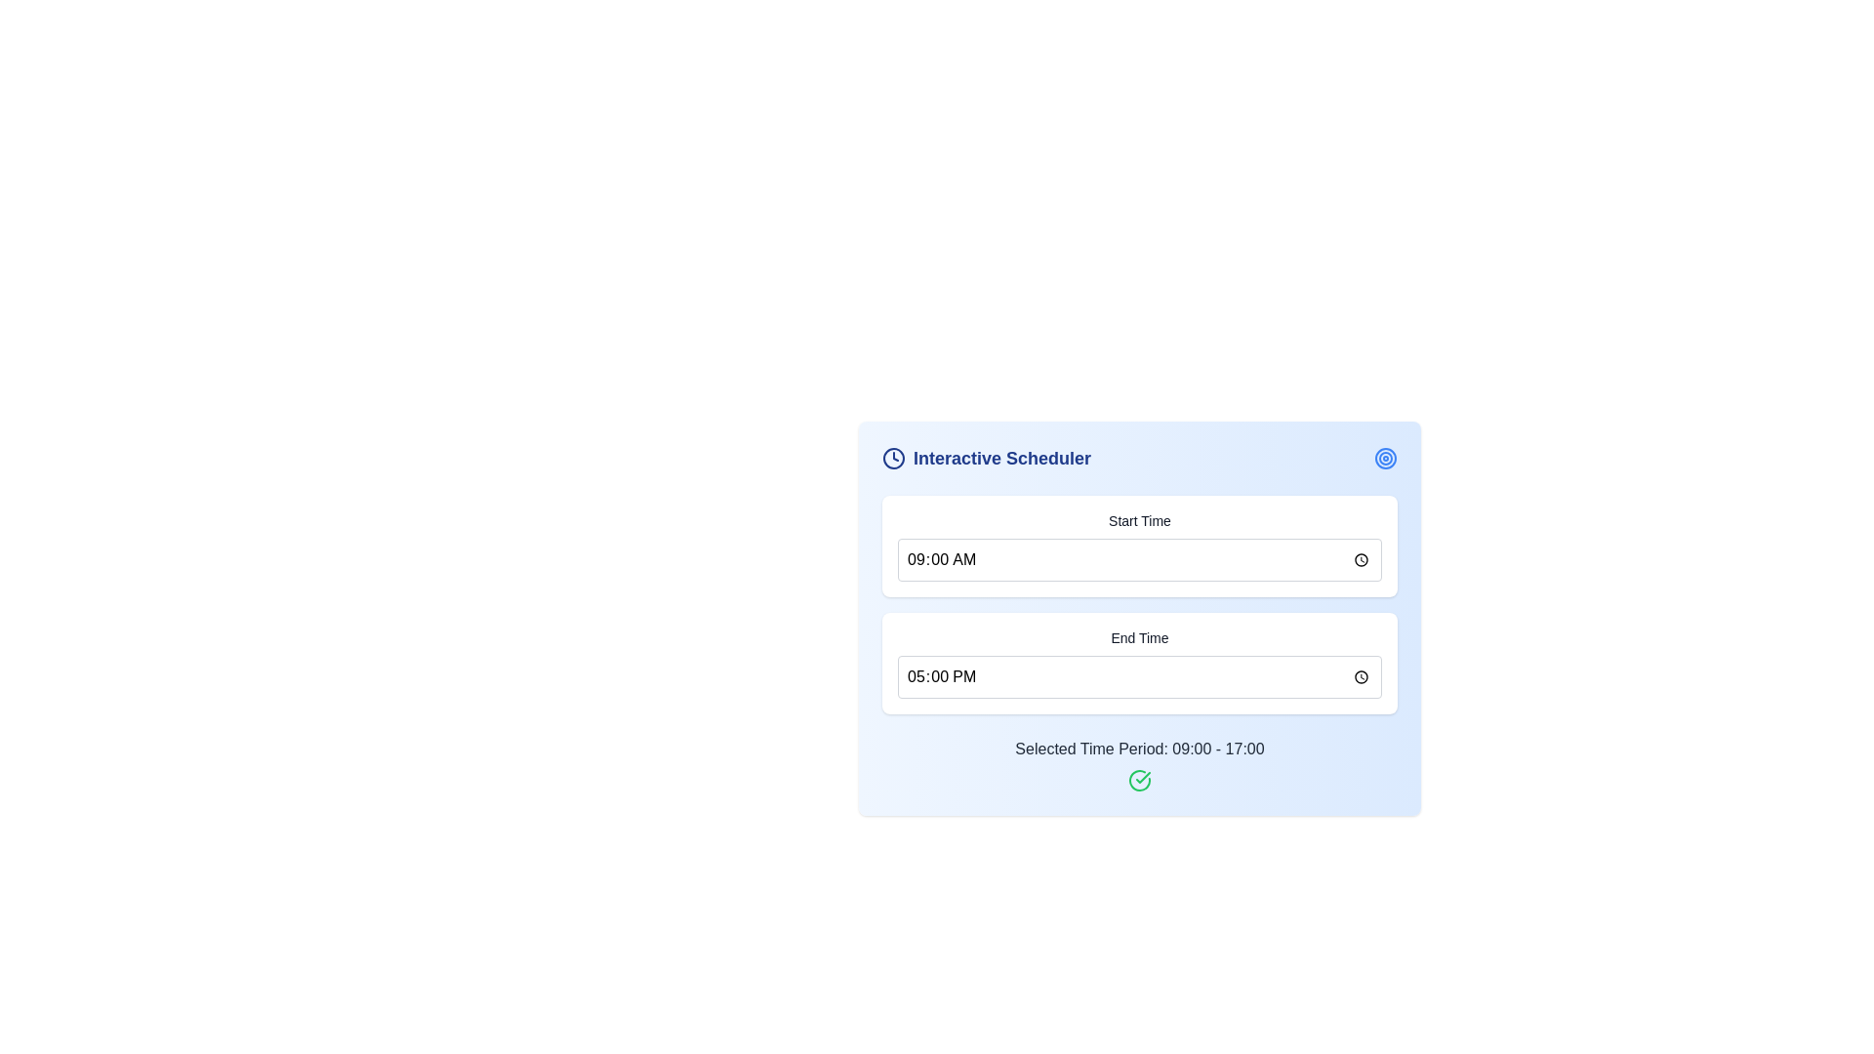  What do you see at coordinates (1139, 779) in the screenshot?
I see `the visual confirmation icon located to the right of the text 'Selected Time Period: 09:00 - 17:00', which indicates that the selected time period is confirmed or valid` at bounding box center [1139, 779].